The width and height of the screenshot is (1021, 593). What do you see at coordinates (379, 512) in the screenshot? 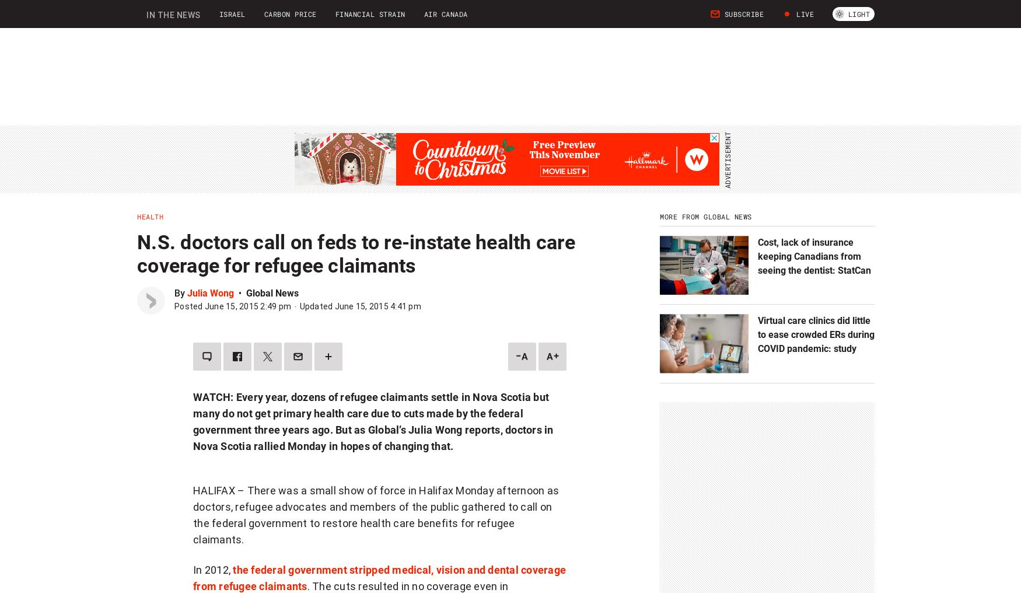
I see `'Advertisement'` at bounding box center [379, 512].